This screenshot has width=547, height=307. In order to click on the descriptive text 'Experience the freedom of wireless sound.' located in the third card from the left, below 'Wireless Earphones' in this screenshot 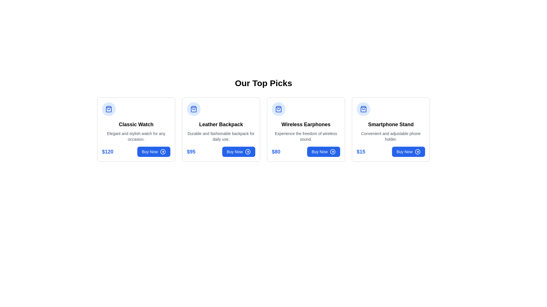, I will do `click(306, 136)`.